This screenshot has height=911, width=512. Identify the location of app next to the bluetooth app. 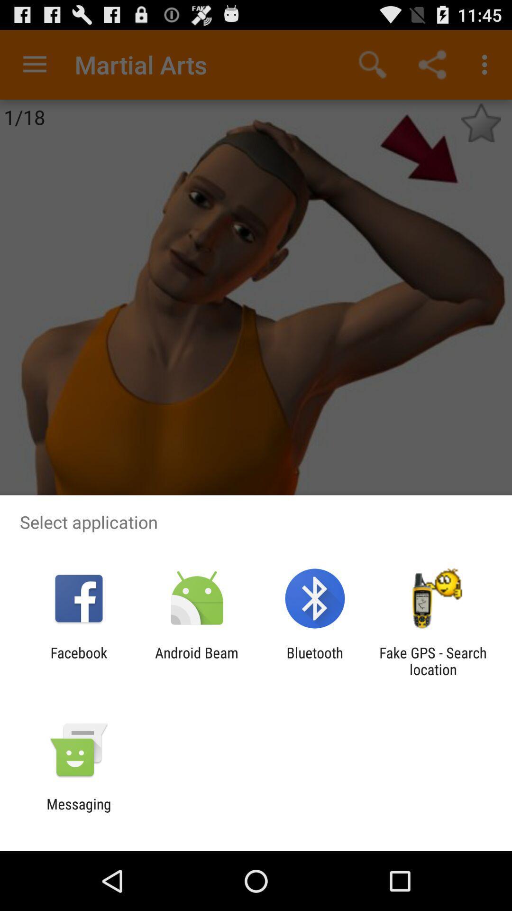
(196, 660).